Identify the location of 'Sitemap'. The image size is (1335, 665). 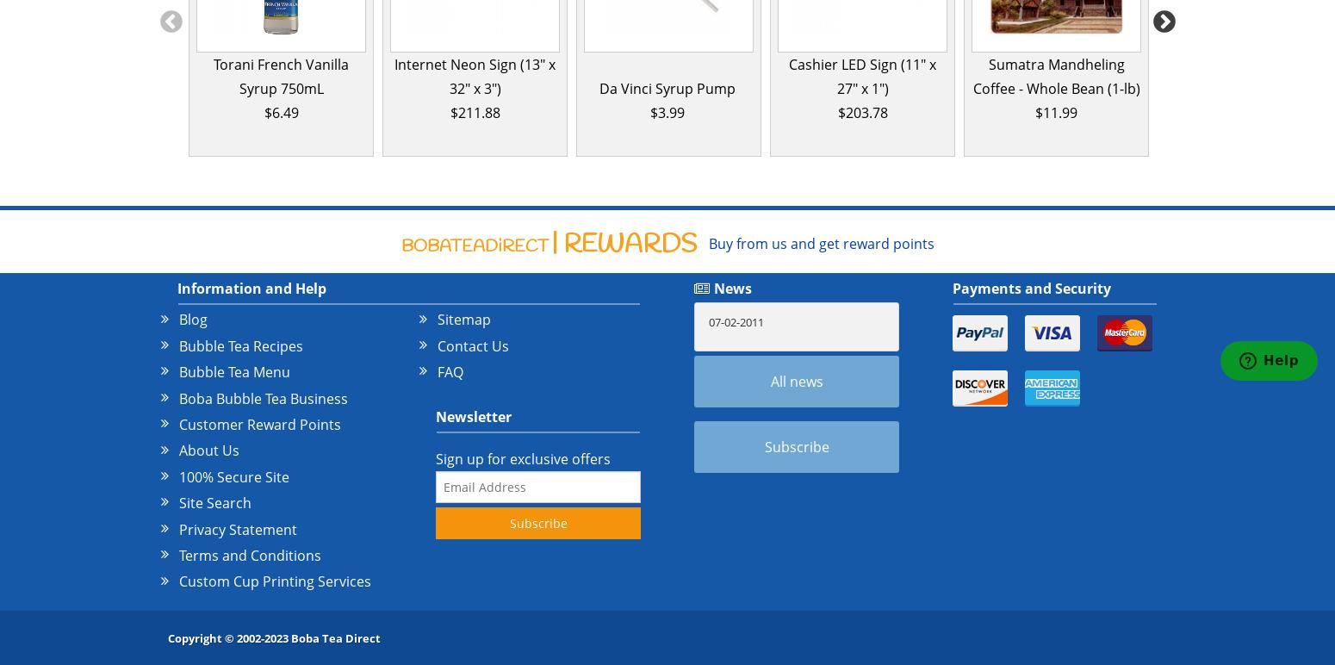
(463, 319).